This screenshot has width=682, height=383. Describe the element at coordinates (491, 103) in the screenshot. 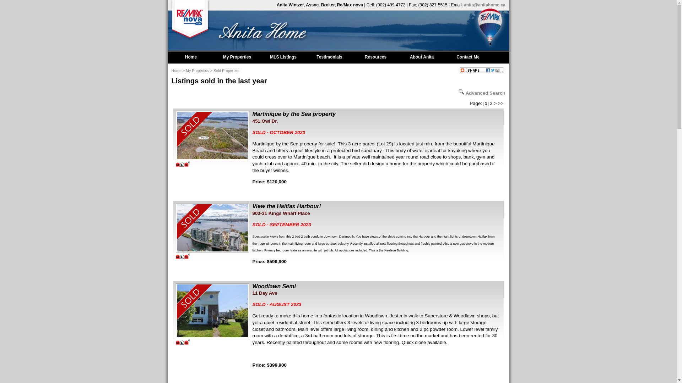

I see `'2'` at that location.